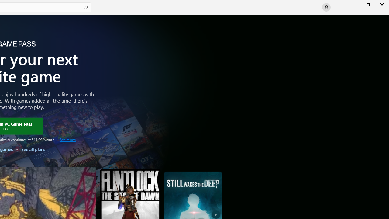 Image resolution: width=389 pixels, height=219 pixels. Describe the element at coordinates (67, 139) in the screenshot. I see `'See terms'` at that location.